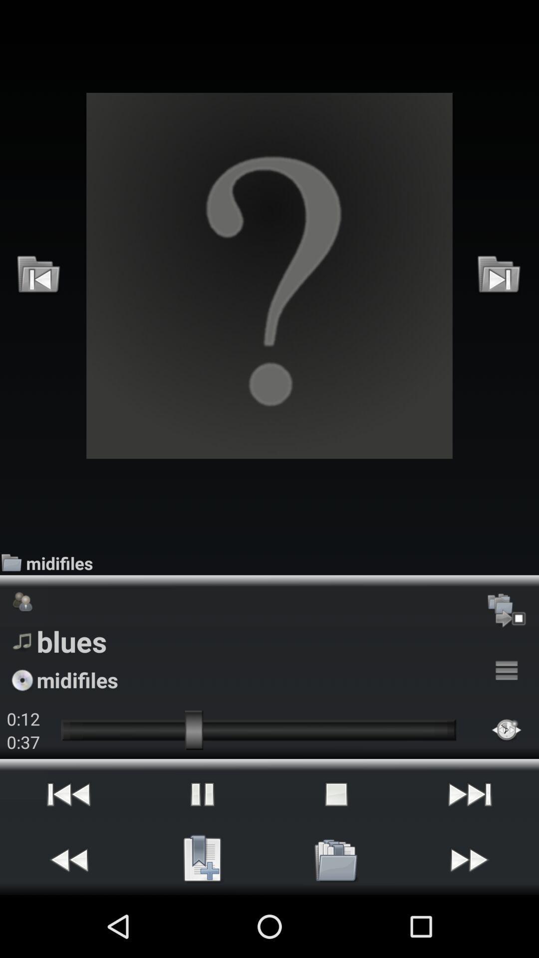  Describe the element at coordinates (469, 849) in the screenshot. I see `the skip_next icon` at that location.